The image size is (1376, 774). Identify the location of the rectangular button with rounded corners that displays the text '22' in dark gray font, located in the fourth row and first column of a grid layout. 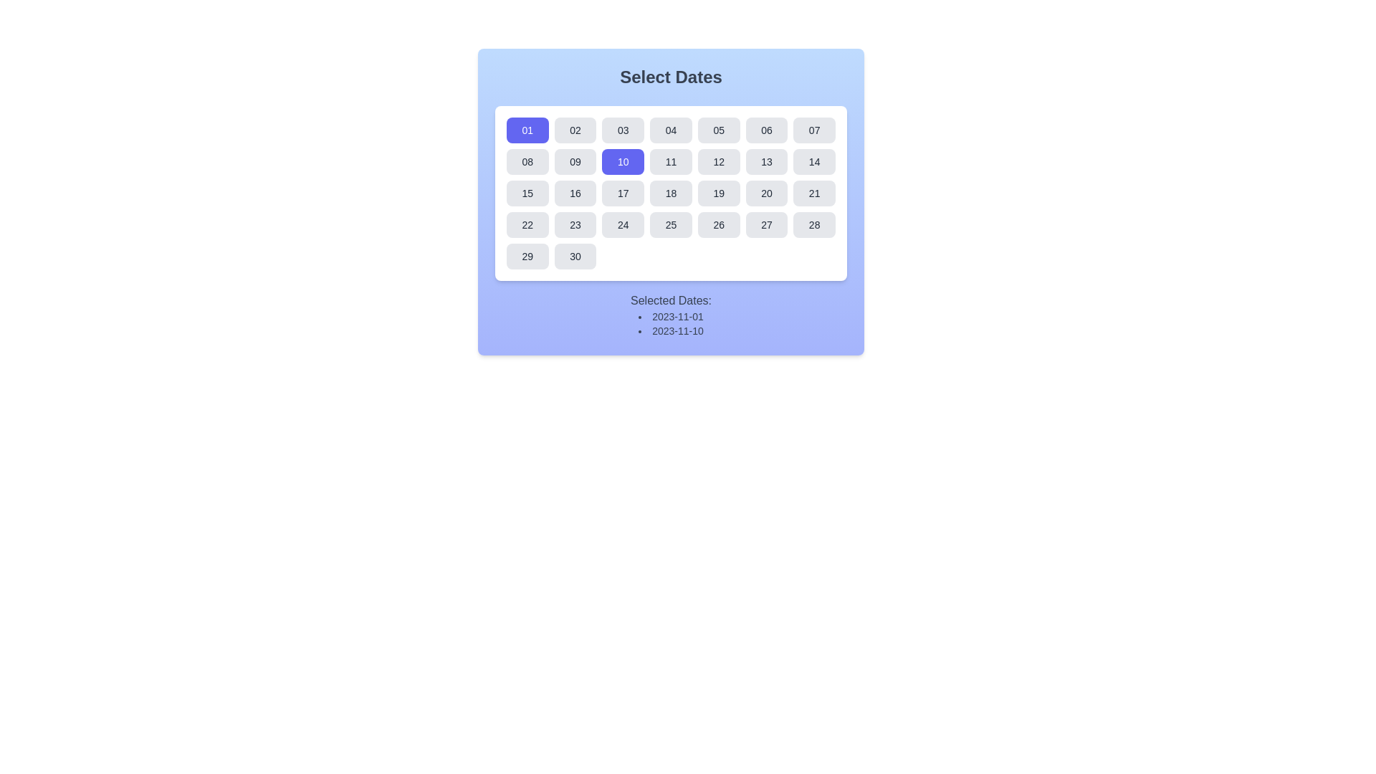
(527, 224).